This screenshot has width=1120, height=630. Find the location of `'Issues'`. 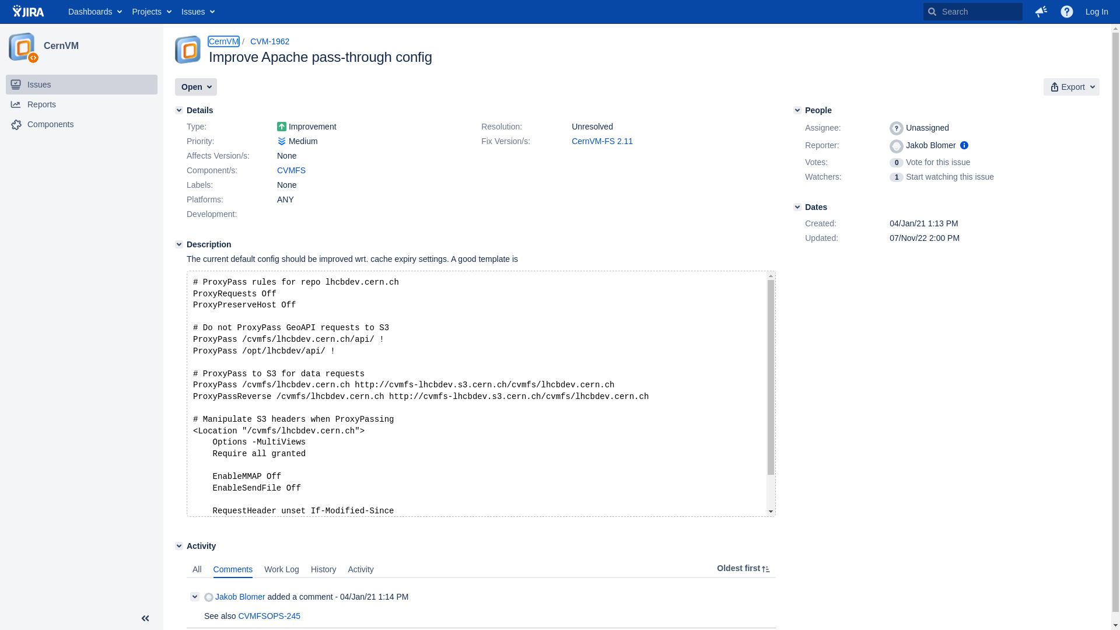

'Issues' is located at coordinates (197, 11).